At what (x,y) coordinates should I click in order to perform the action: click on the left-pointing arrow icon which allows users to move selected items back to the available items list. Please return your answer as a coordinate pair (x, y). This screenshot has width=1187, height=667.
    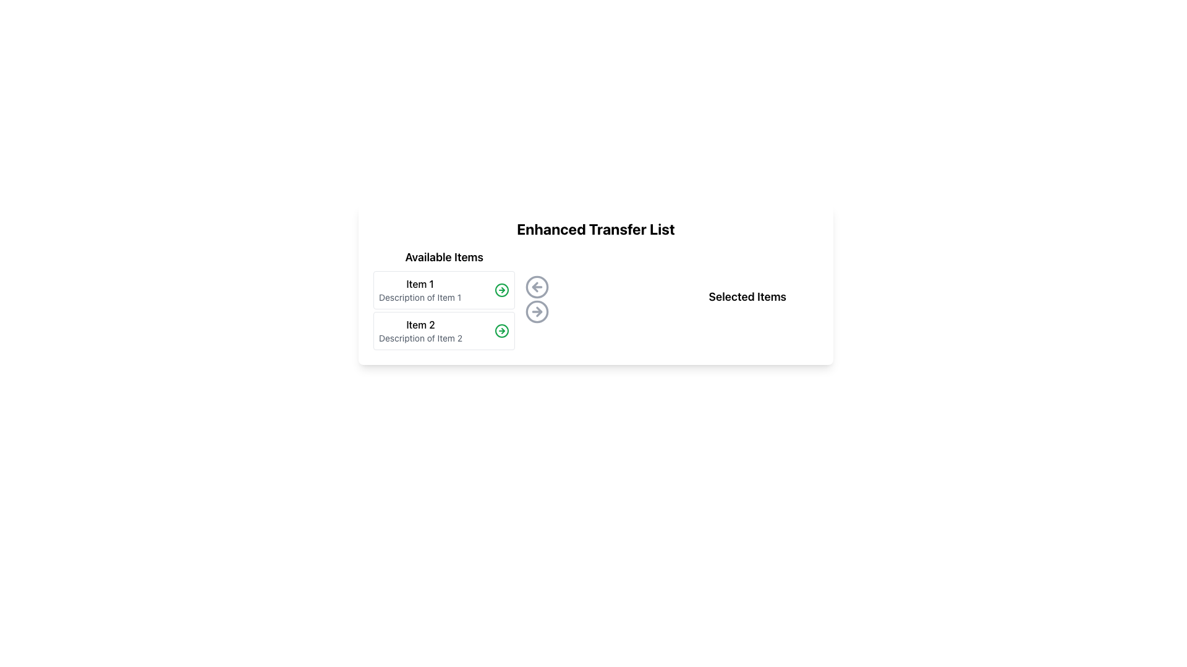
    Looking at the image, I should click on (537, 287).